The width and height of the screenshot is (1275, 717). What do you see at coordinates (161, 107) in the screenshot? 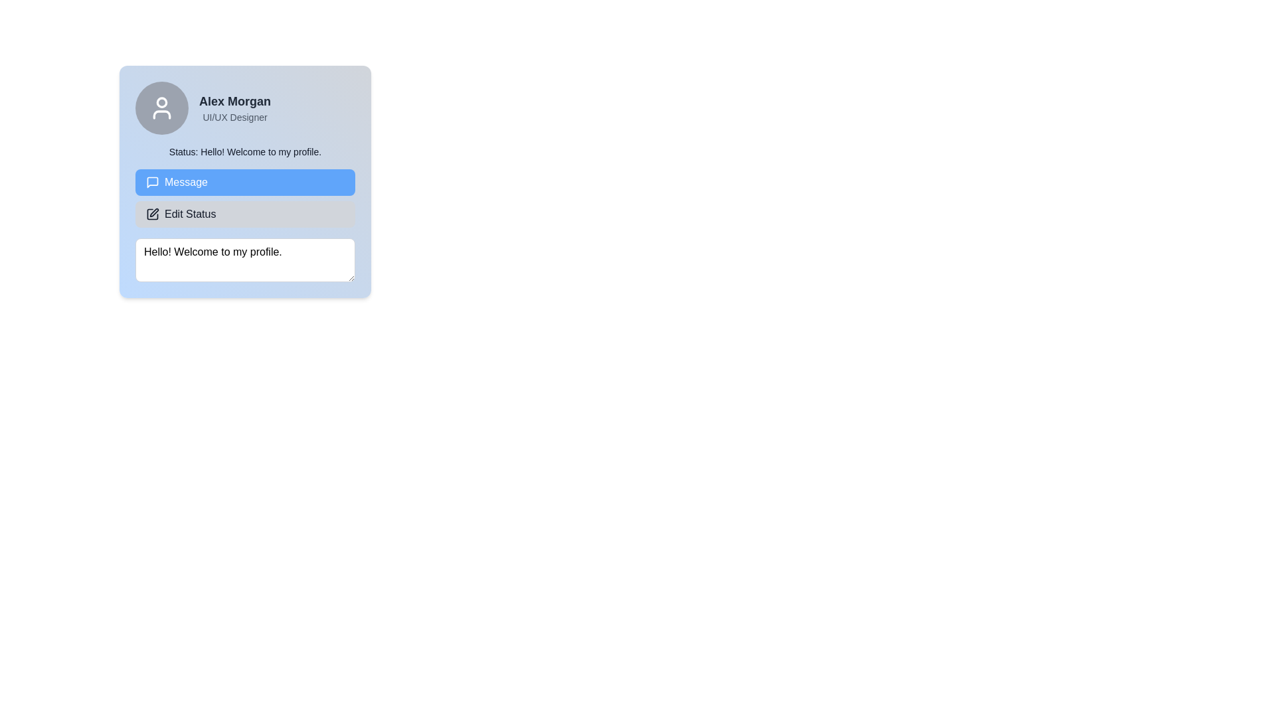
I see `the user's profile picture or avatar, which is a graphic icon located at the center of a circular background near the top-left of the user interface card` at bounding box center [161, 107].